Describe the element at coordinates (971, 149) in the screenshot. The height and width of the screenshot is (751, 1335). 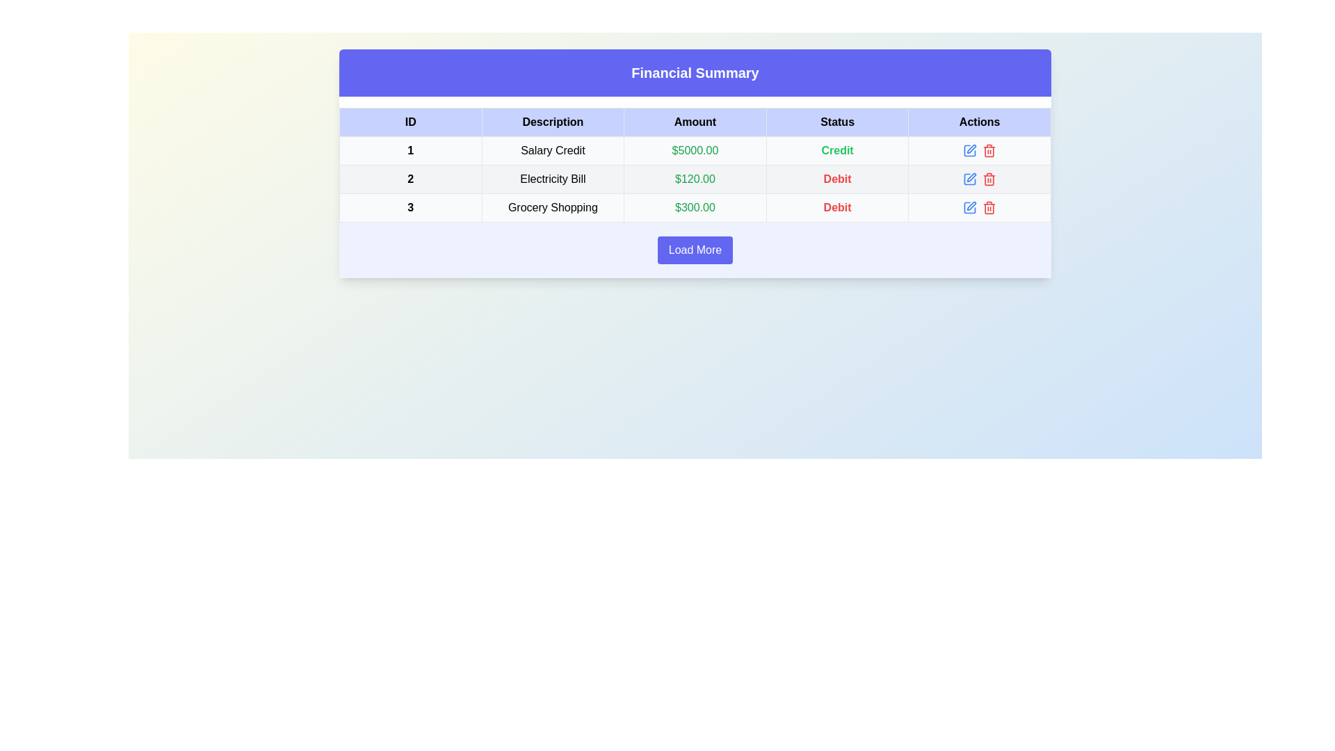
I see `the pen icon in the Actions column to initiate editing the associated Salary Credit entry` at that location.